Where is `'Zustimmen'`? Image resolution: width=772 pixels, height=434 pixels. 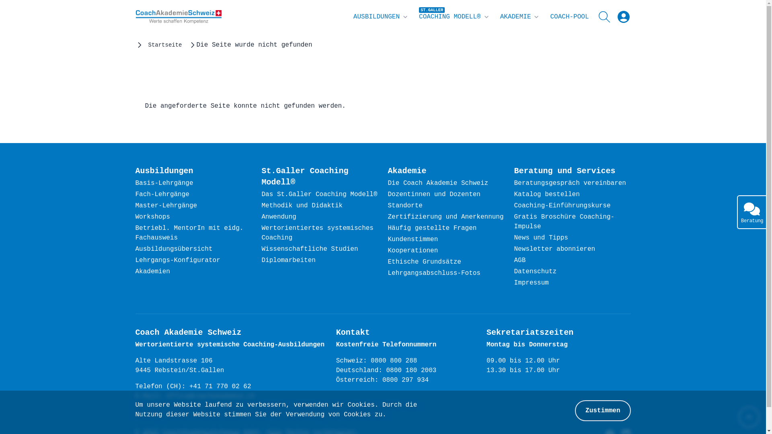
'Zustimmen' is located at coordinates (575, 411).